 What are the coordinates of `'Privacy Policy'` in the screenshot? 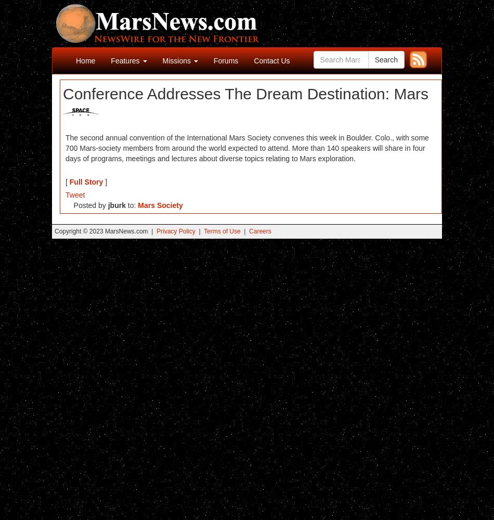 It's located at (175, 231).